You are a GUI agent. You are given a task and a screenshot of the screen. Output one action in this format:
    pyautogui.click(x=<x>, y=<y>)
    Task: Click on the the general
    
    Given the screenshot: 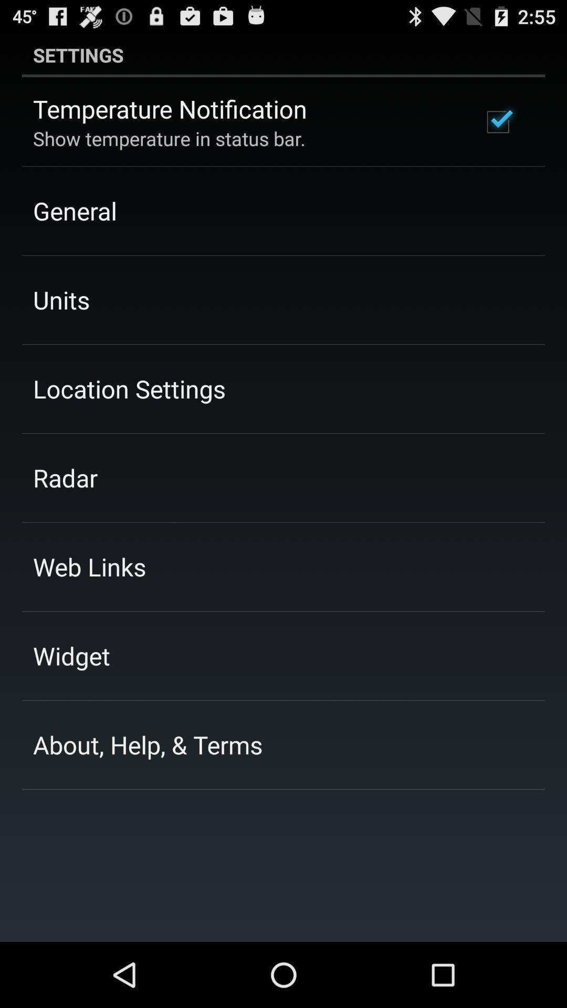 What is the action you would take?
    pyautogui.click(x=74, y=210)
    